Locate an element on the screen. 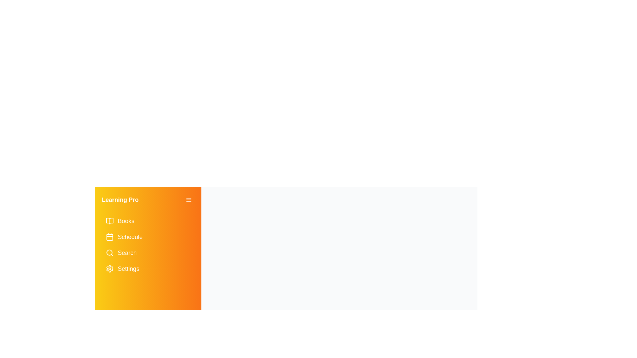 Image resolution: width=637 pixels, height=358 pixels. the Search navigation item in the drawer is located at coordinates (148, 253).